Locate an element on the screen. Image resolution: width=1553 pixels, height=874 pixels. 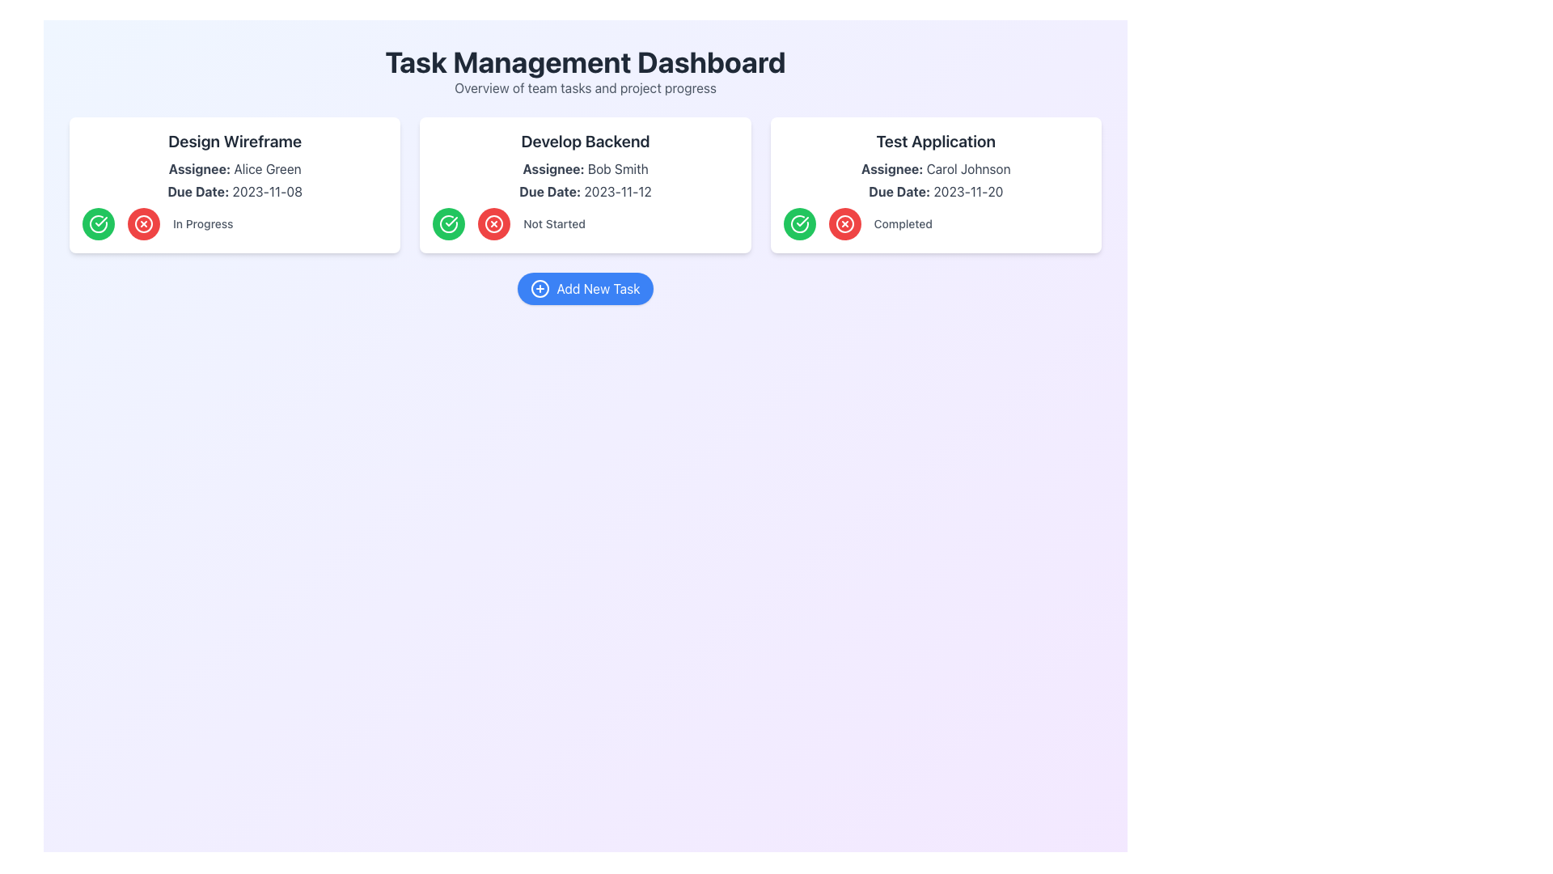
the leftmost circular green button with a white checkmark in the 'Test Application' card's status section to mark the task as completed is located at coordinates (799, 224).